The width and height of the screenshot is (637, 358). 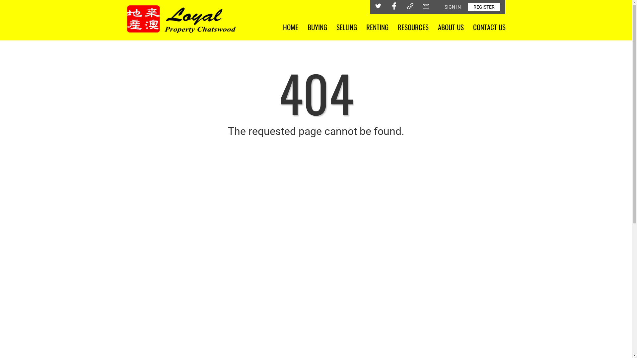 What do you see at coordinates (317, 27) in the screenshot?
I see `'BUYING'` at bounding box center [317, 27].